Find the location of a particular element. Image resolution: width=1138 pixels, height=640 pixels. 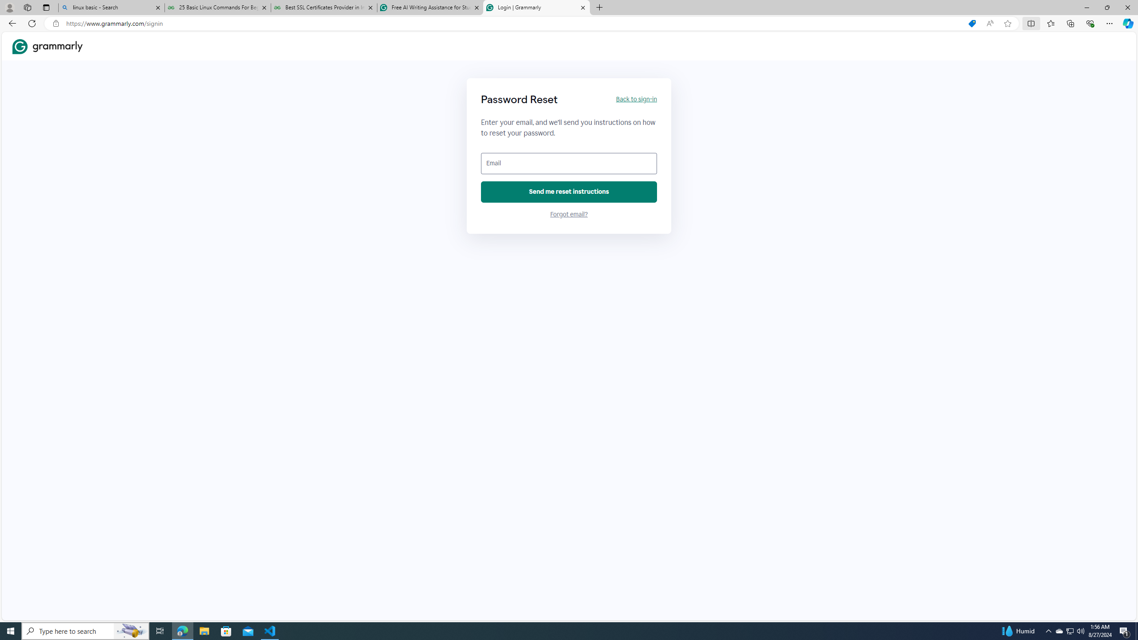

'Grammarly Home' is located at coordinates (47, 46).